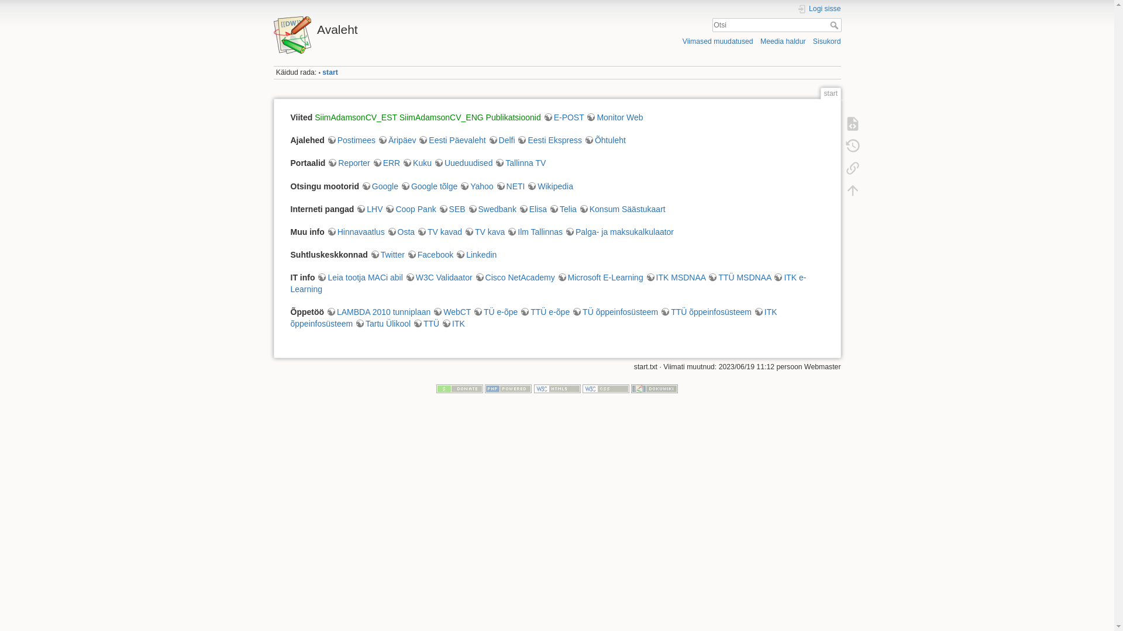  Describe the element at coordinates (452, 324) in the screenshot. I see `'ITK'` at that location.